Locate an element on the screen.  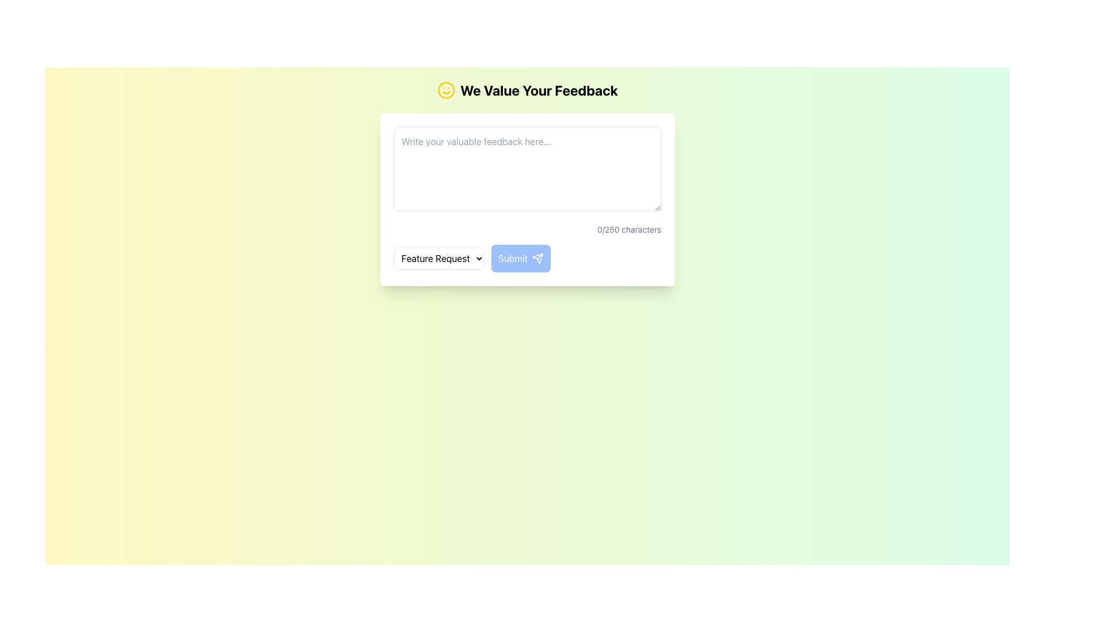
the SVG circle element with a smiley face design, which is yellow and positioned above the heading 'We Value Your Feedback.' is located at coordinates (446, 90).